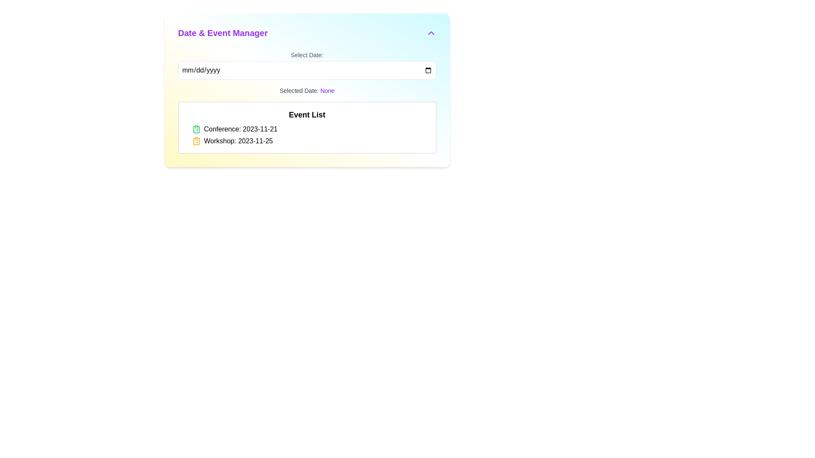 This screenshot has height=458, width=815. Describe the element at coordinates (306, 90) in the screenshot. I see `the Text Display element that shows the currently selected date, which is located below the 'Select Date:' input field and above the 'Event List' section` at that location.